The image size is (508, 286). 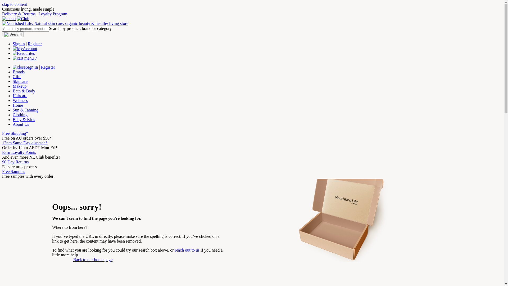 What do you see at coordinates (175, 250) in the screenshot?
I see `'reach out to us'` at bounding box center [175, 250].